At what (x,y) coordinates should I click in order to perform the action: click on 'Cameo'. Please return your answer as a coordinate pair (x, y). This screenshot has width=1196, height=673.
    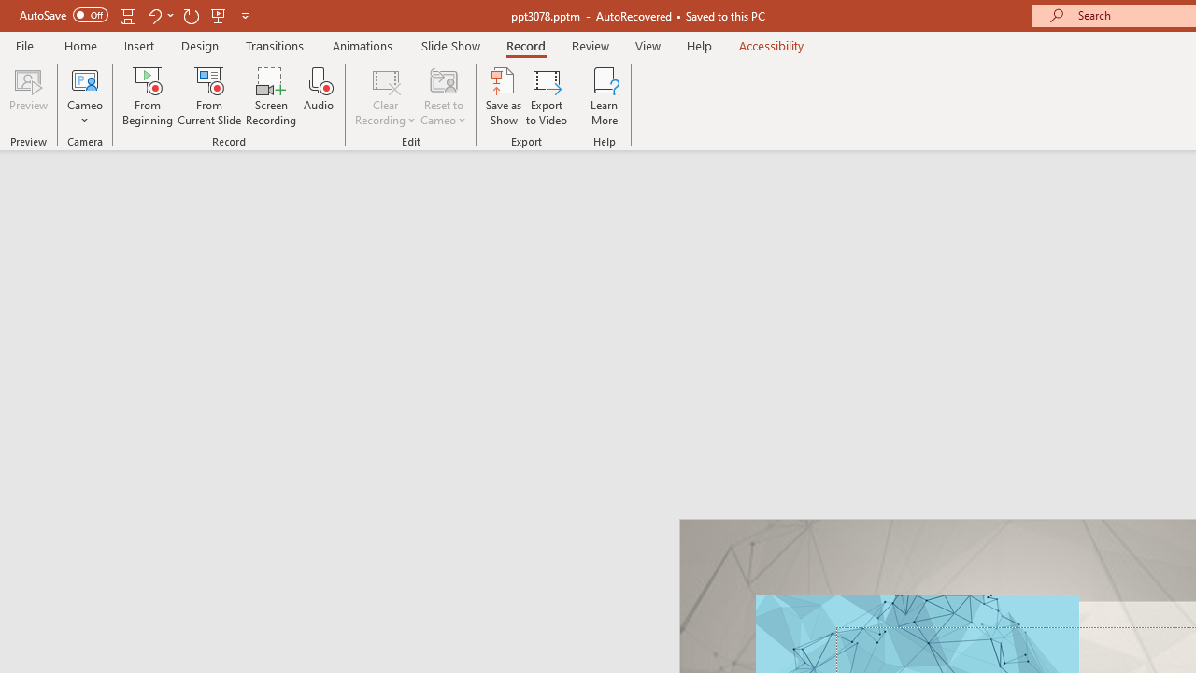
    Looking at the image, I should click on (84, 79).